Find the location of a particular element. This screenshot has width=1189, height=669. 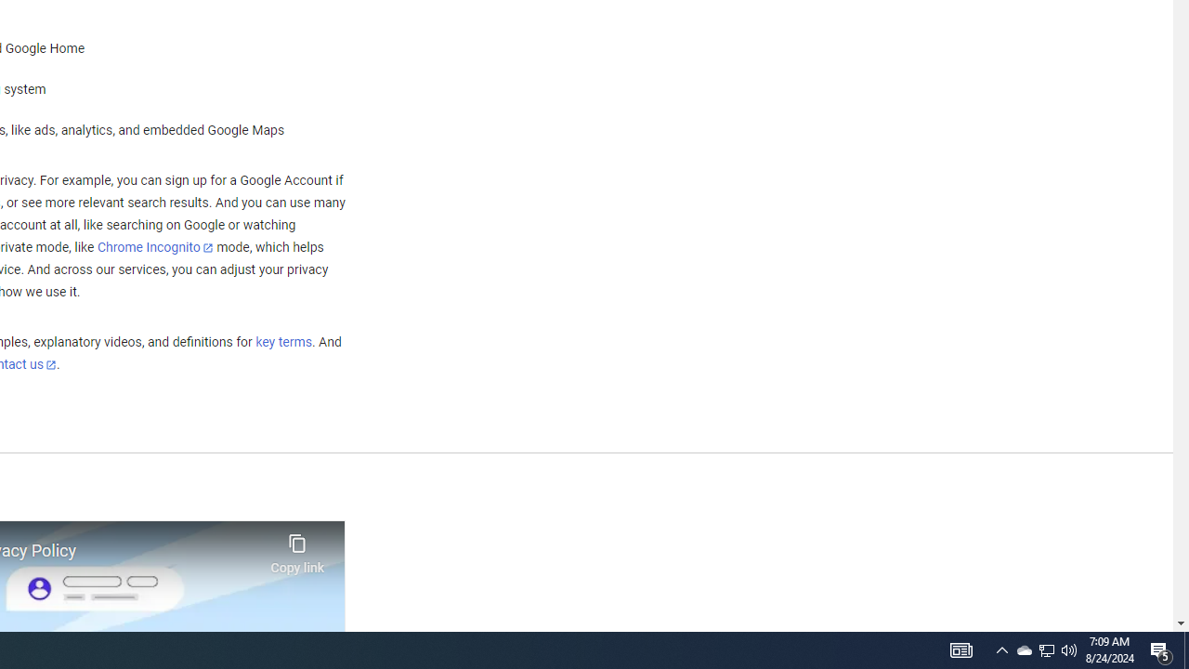

'Copy link' is located at coordinates (297, 548).